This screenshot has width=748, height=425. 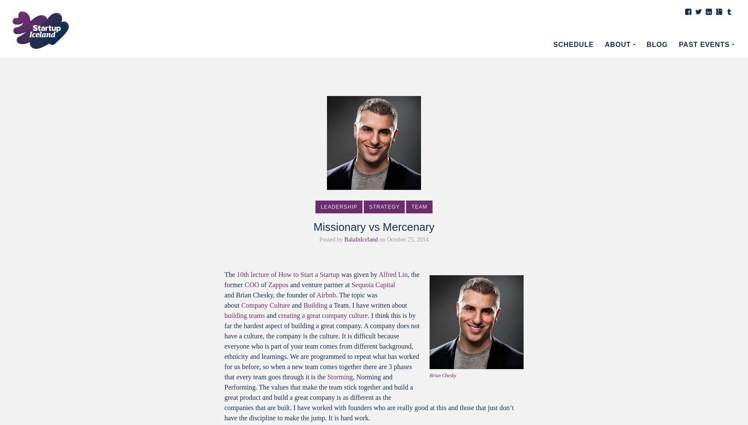 I want to click on 'COO', so click(x=252, y=285).